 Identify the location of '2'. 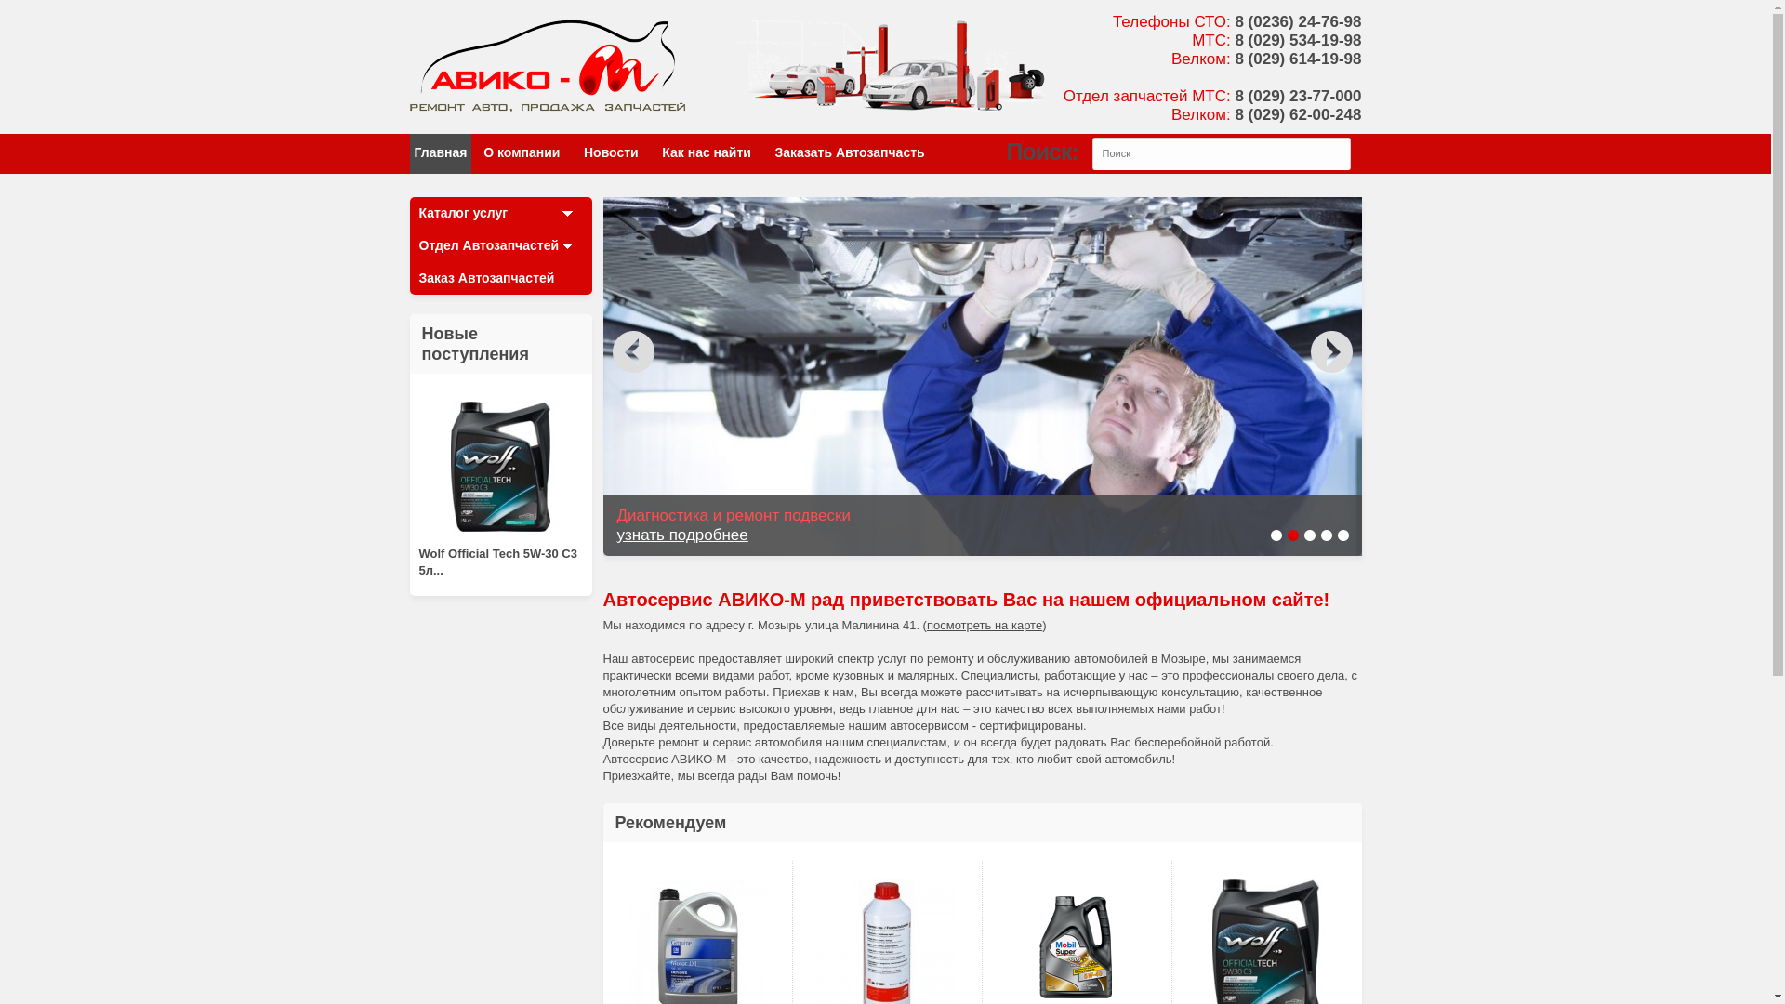
(1291, 535).